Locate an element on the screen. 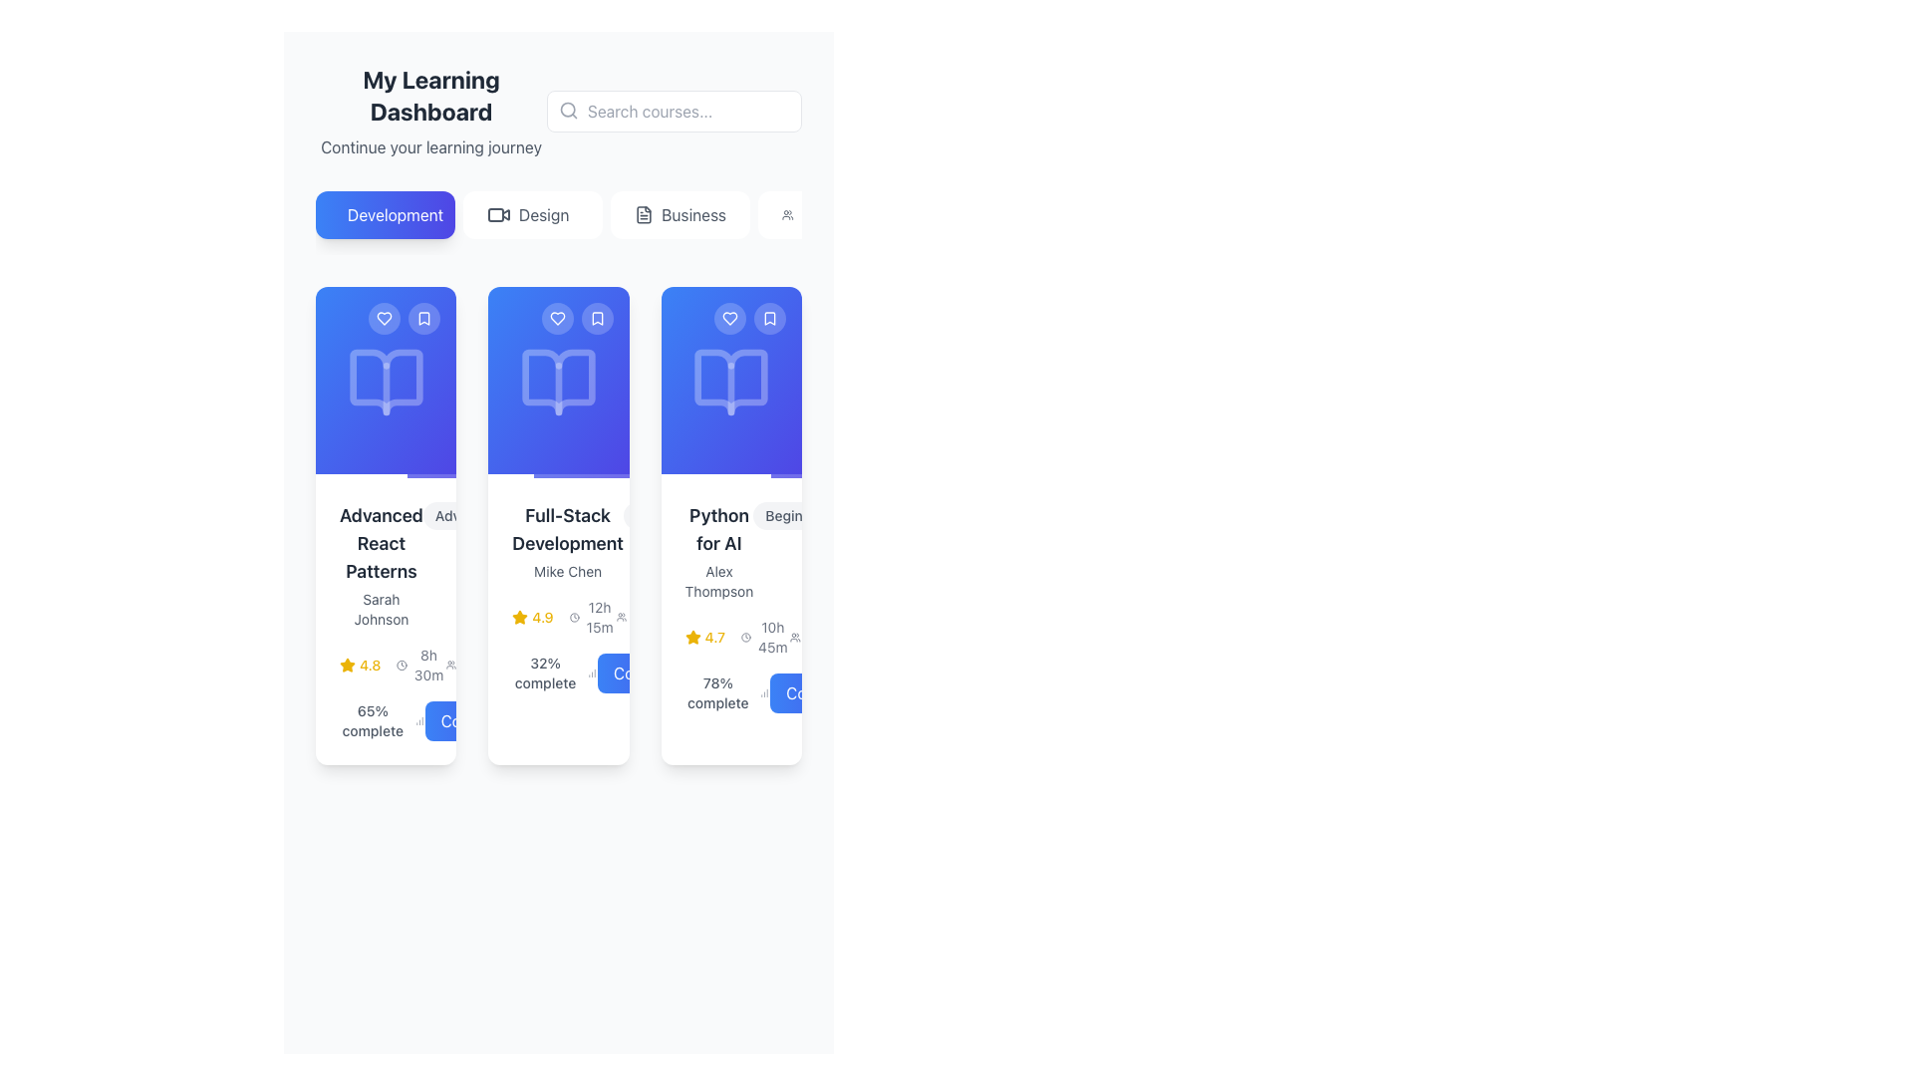 The height and width of the screenshot is (1076, 1913). the progress bar located at the bottom of the 'Python for AI' card, which has a gradient from blue to indigo and indicates progress with a filled white section is located at coordinates (730, 476).